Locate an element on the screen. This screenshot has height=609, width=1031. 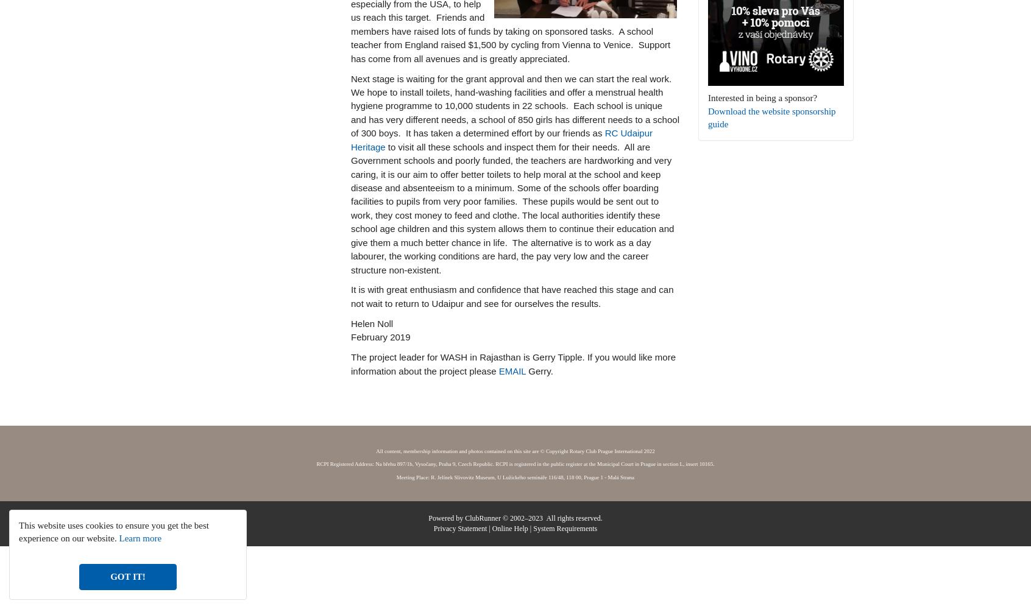
'RC Udaipur Heritage' is located at coordinates (501, 139).